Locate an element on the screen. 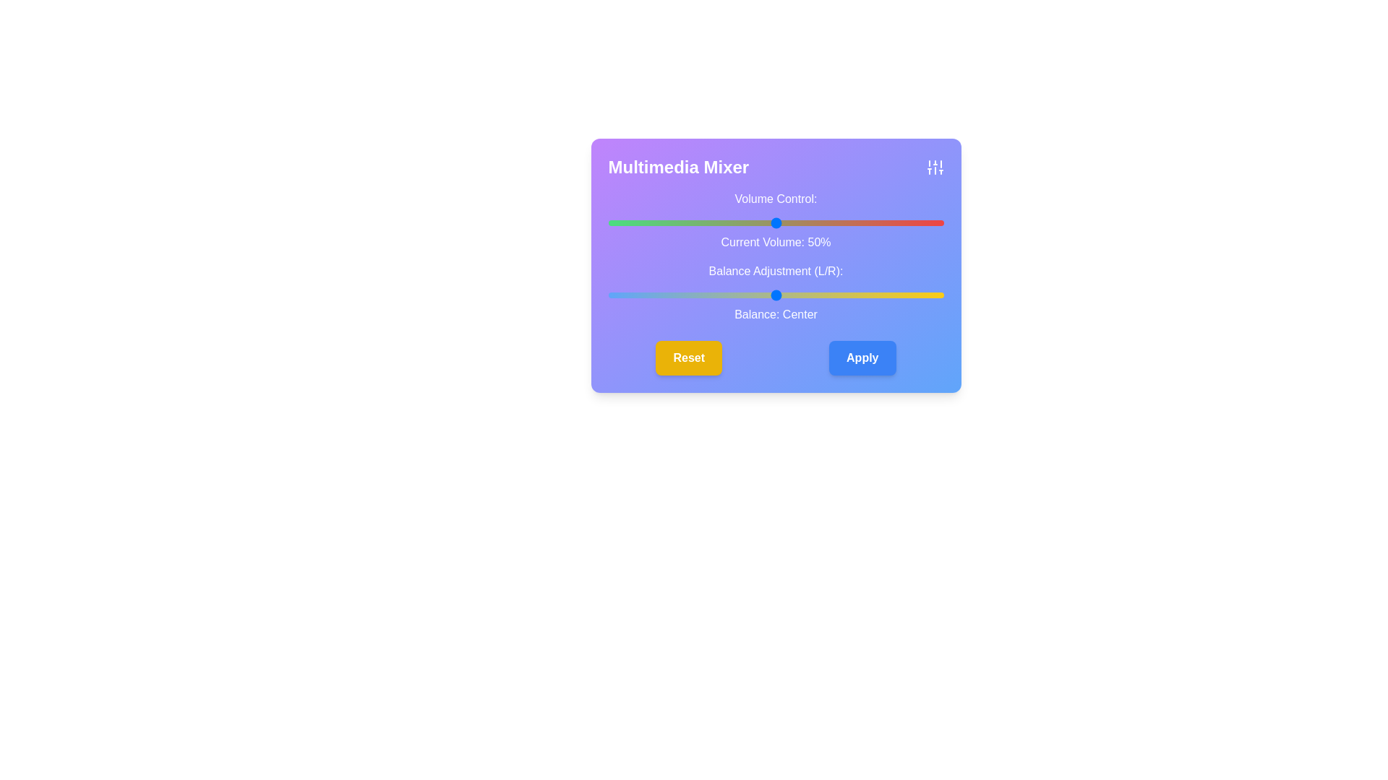  the balance slider to set the audio balance to 39 is located at coordinates (906, 294).